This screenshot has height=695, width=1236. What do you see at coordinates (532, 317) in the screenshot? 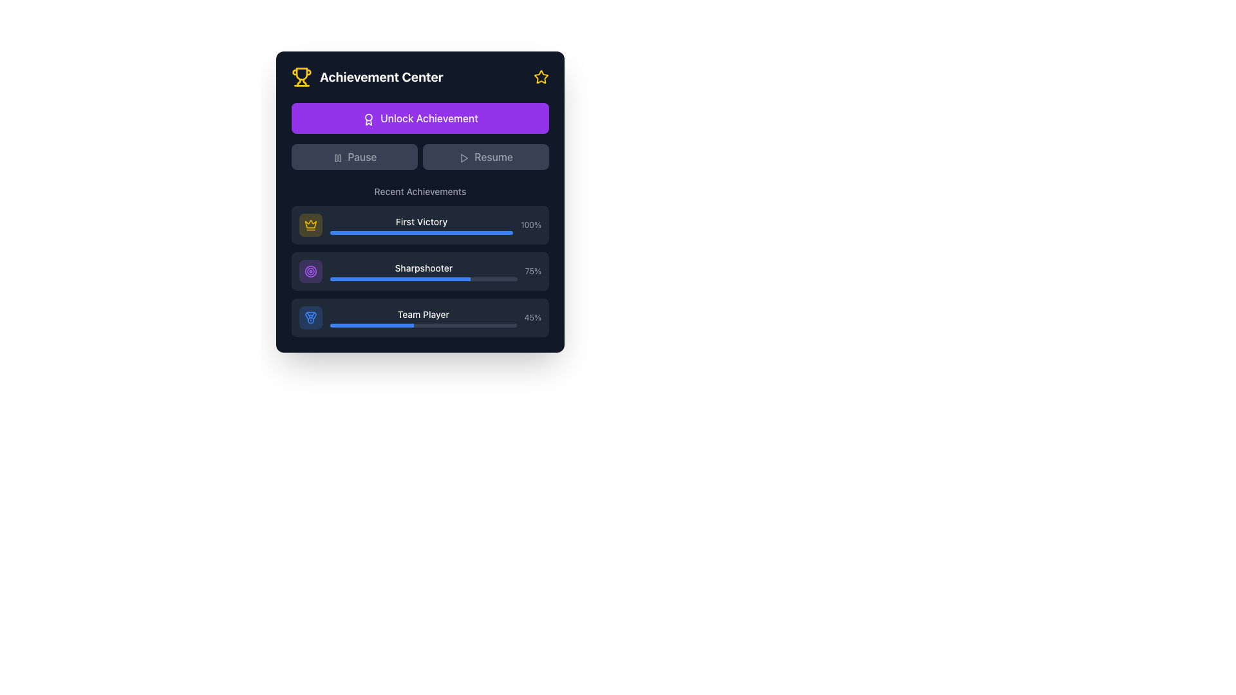
I see `percentage value displayed in the text label showing '45%' in a small light gray font, located in the bottom-right corner of the section aligned with the 'Team Player' progress bar` at bounding box center [532, 317].